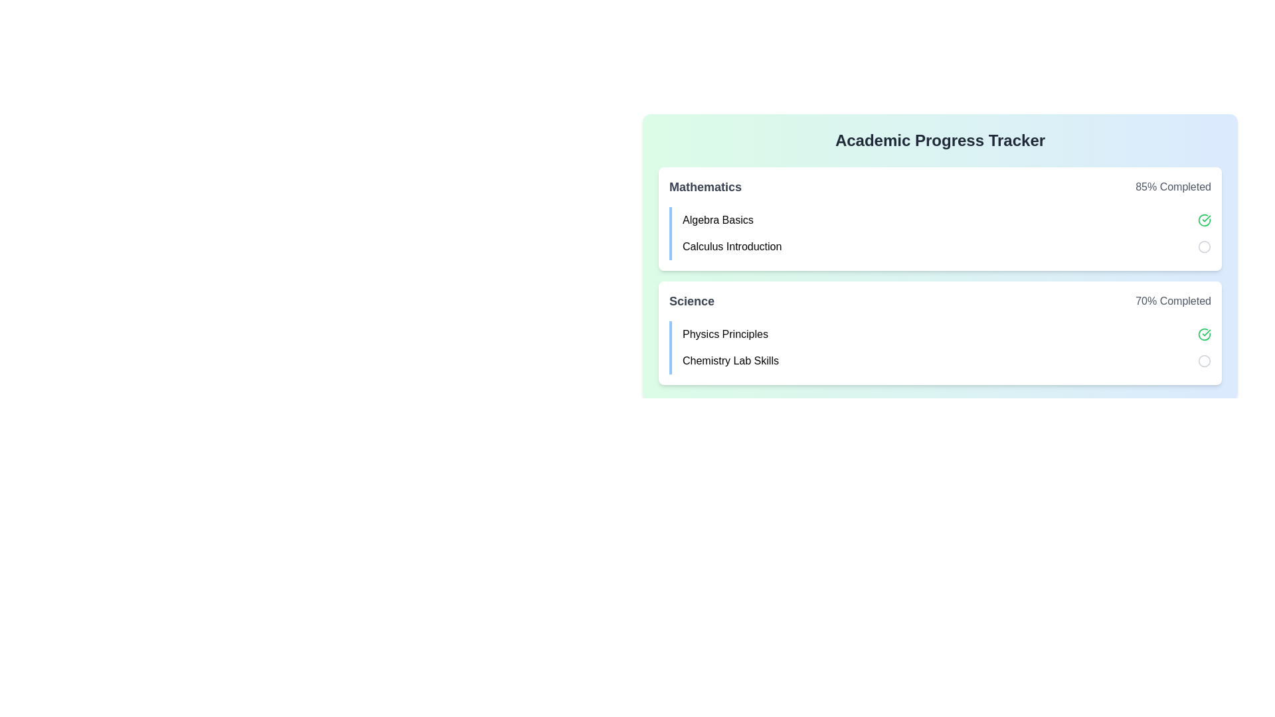  I want to click on the check symbol associated with the second list item in the 'Science' progress tracker to update its status, so click(940, 347).